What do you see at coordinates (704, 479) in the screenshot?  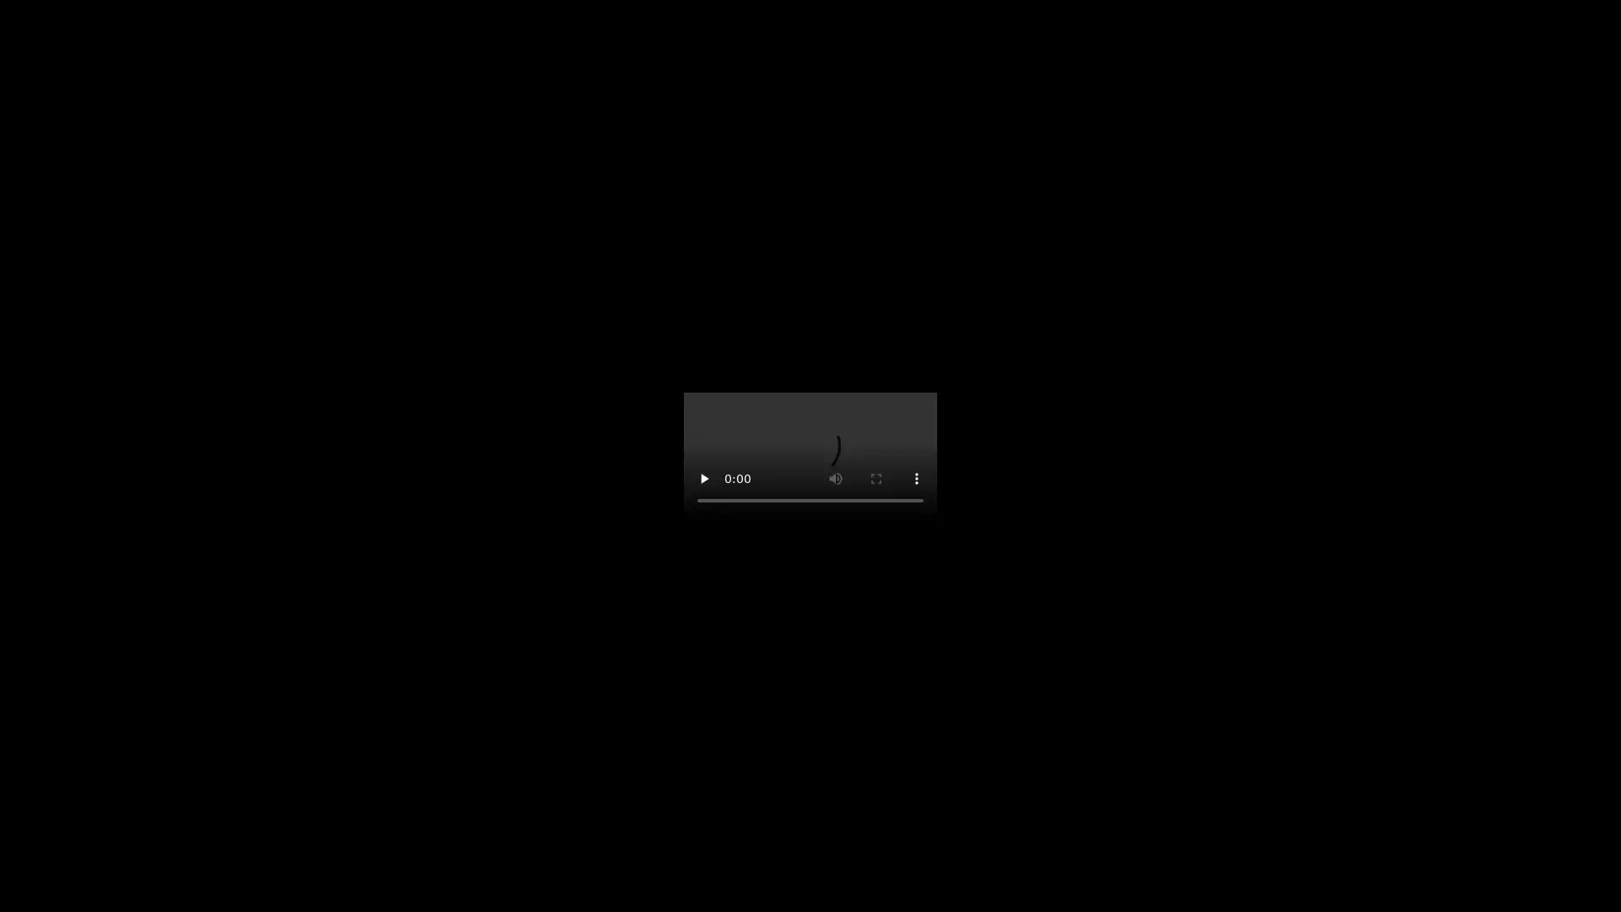 I see `play` at bounding box center [704, 479].